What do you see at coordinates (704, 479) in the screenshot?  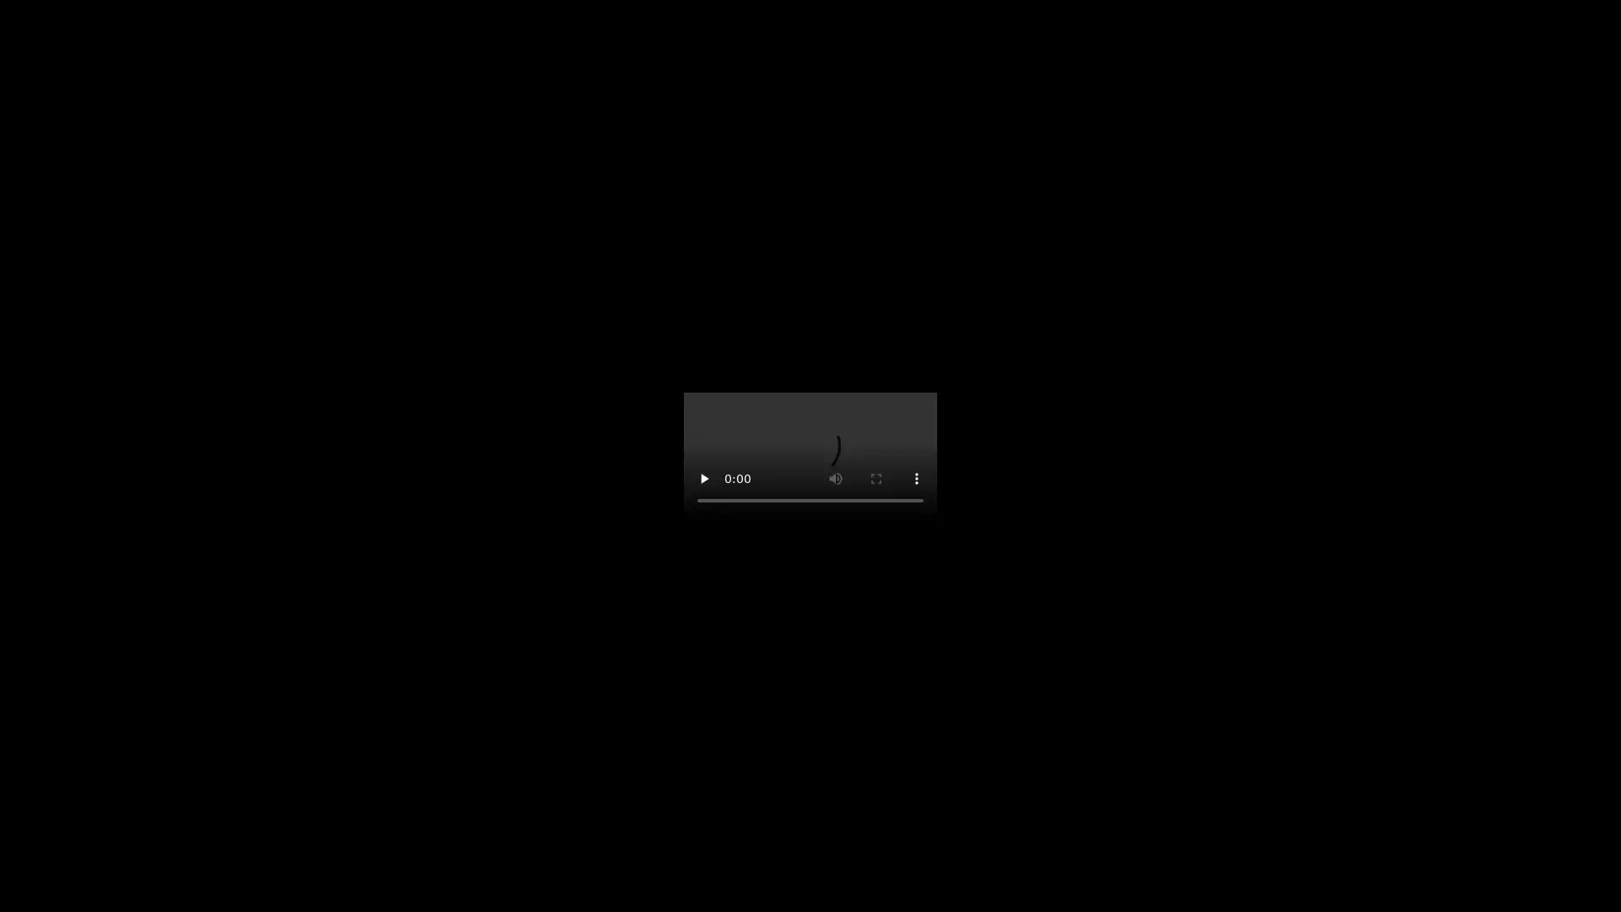 I see `play` at bounding box center [704, 479].